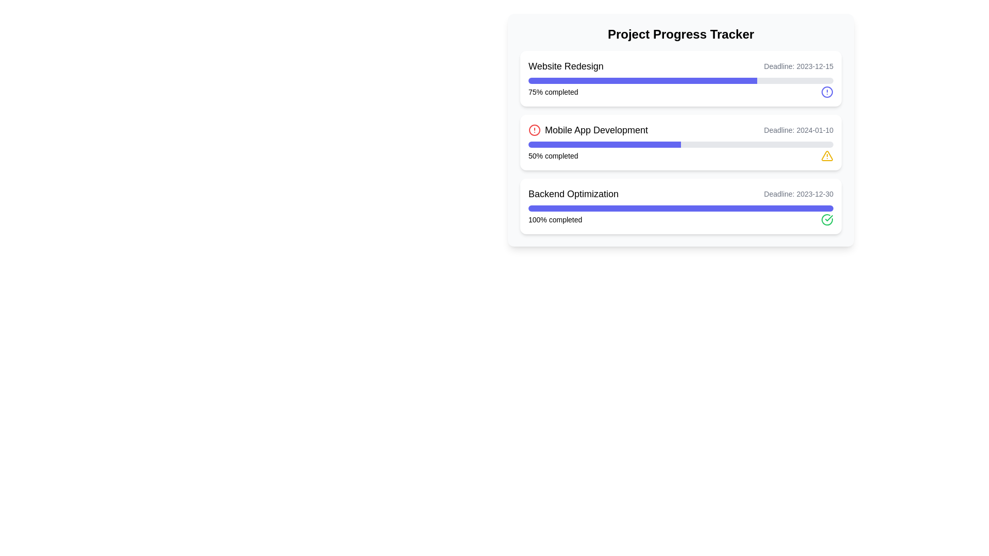 The height and width of the screenshot is (556, 989). Describe the element at coordinates (534, 130) in the screenshot. I see `the central Circle graphic element of the warning icon located to the left of the Mobile App Development progress bar` at that location.